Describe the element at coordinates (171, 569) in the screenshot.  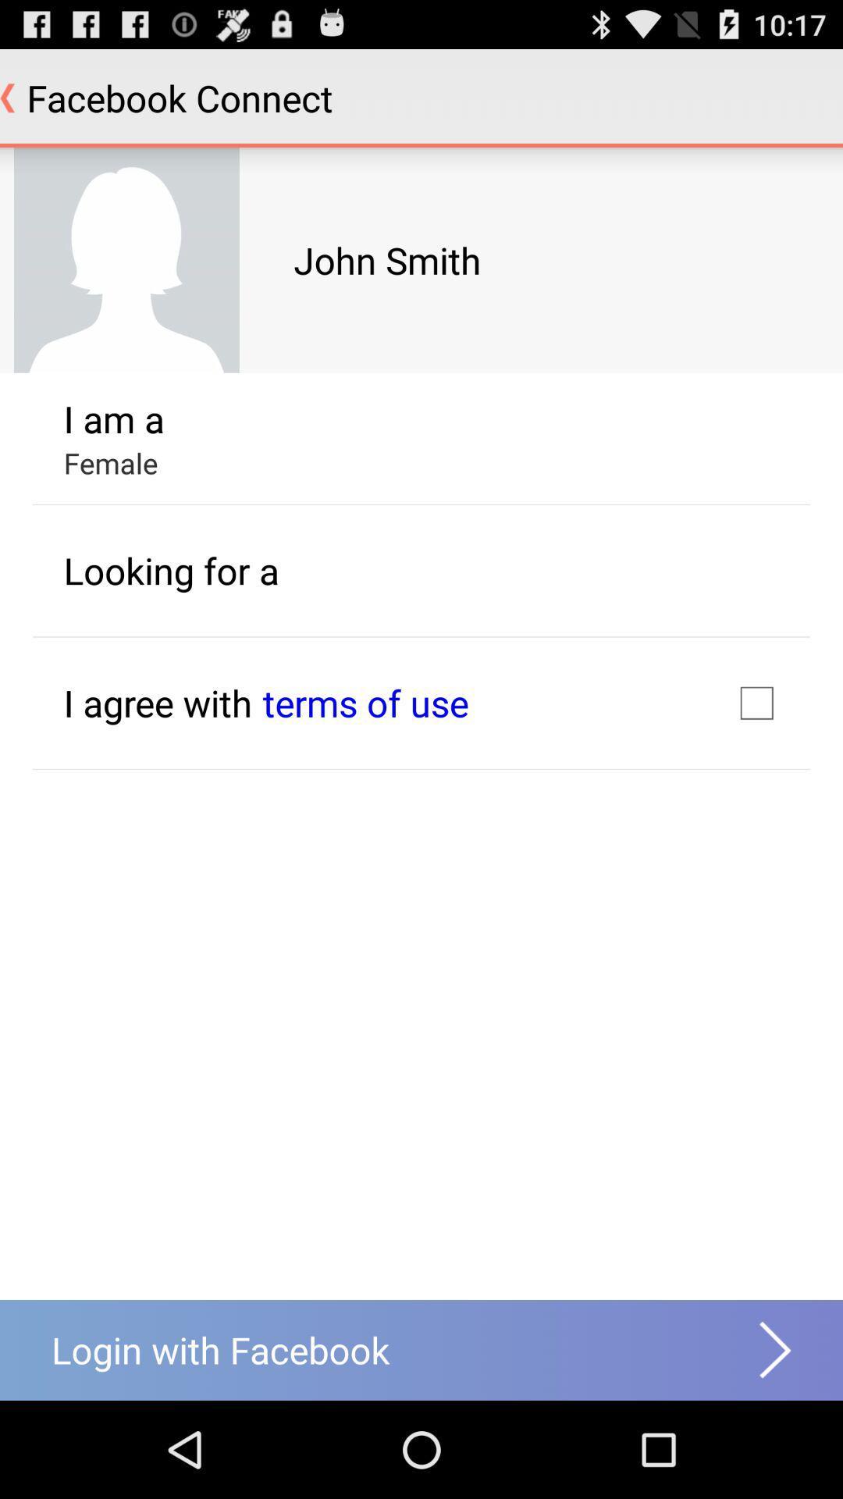
I see `the item below the female icon` at that location.